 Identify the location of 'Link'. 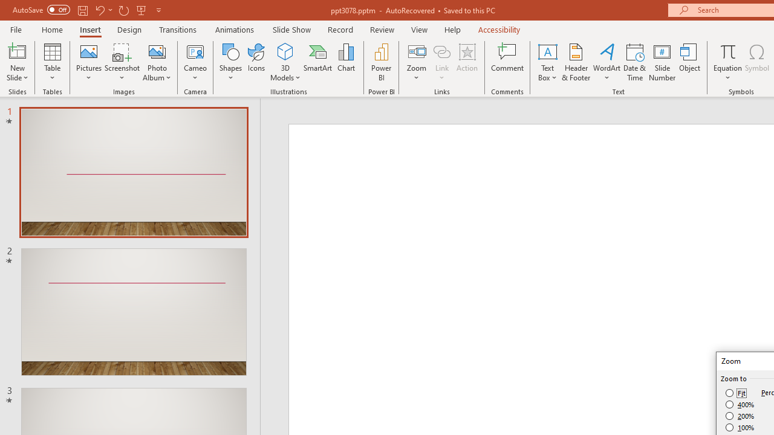
(441, 51).